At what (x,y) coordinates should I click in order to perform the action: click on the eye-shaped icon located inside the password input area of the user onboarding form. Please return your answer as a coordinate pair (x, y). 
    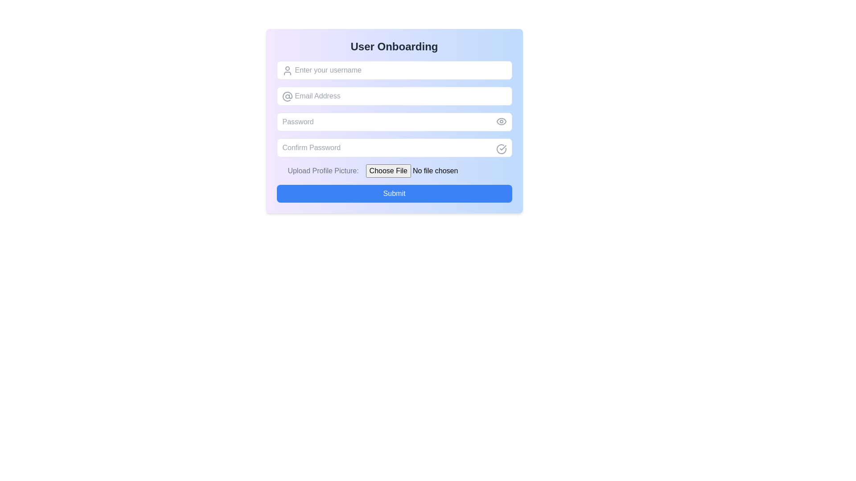
    Looking at the image, I should click on (501, 122).